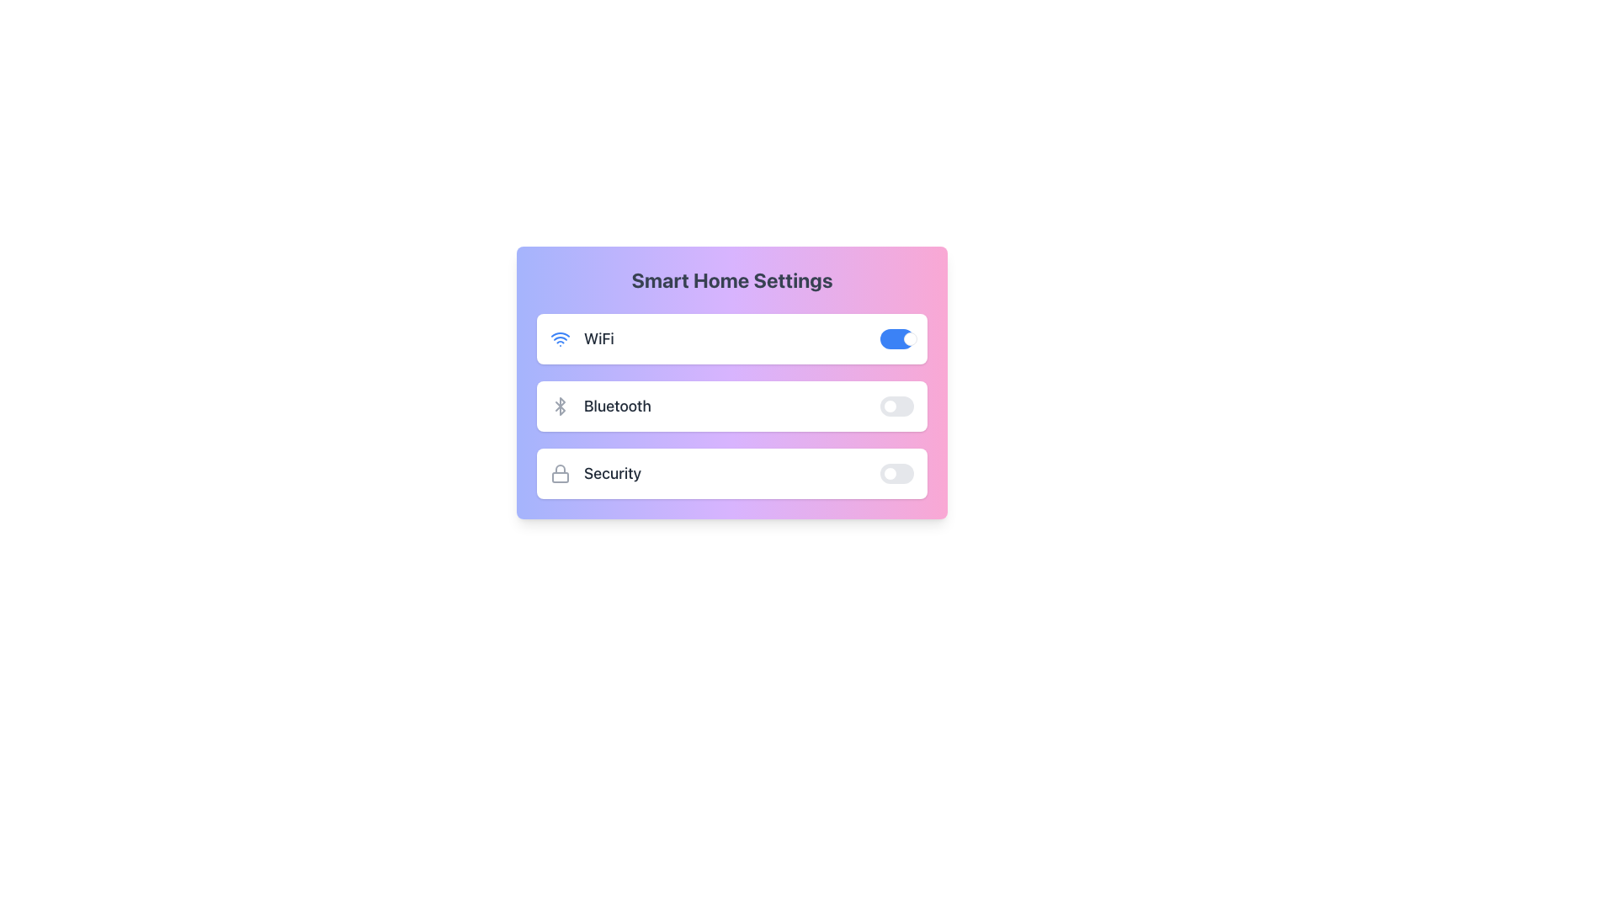  Describe the element at coordinates (616, 406) in the screenshot. I see `the text label displaying 'Bluetooth', which is styled in grayish-black and located next to the Bluetooth icon` at that location.